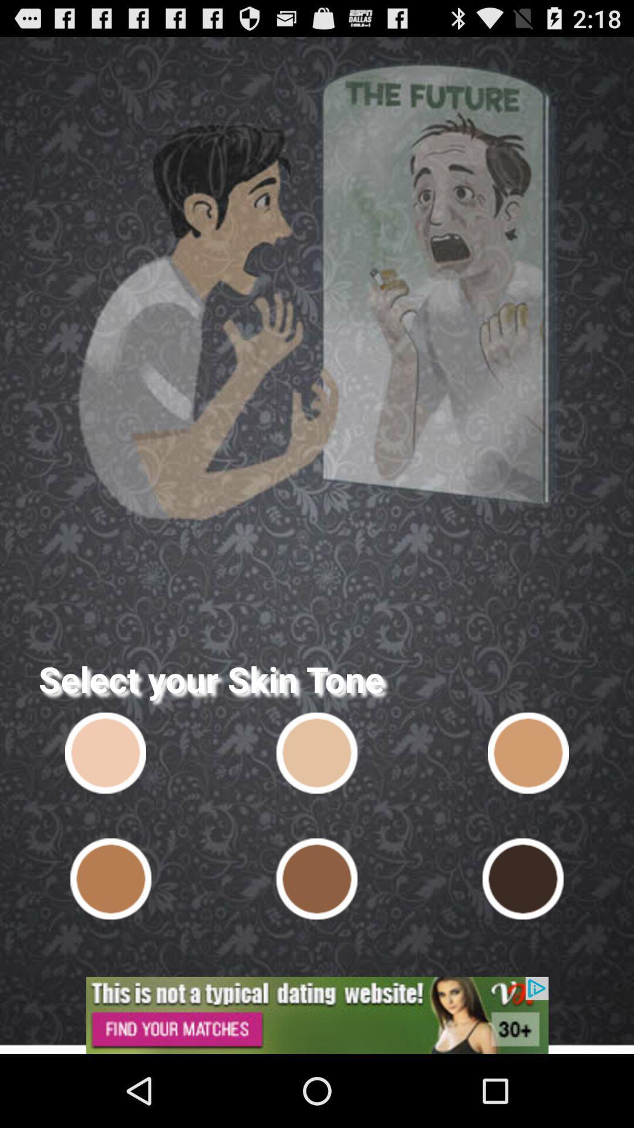 The image size is (634, 1128). What do you see at coordinates (522, 879) in the screenshot?
I see `choose this` at bounding box center [522, 879].